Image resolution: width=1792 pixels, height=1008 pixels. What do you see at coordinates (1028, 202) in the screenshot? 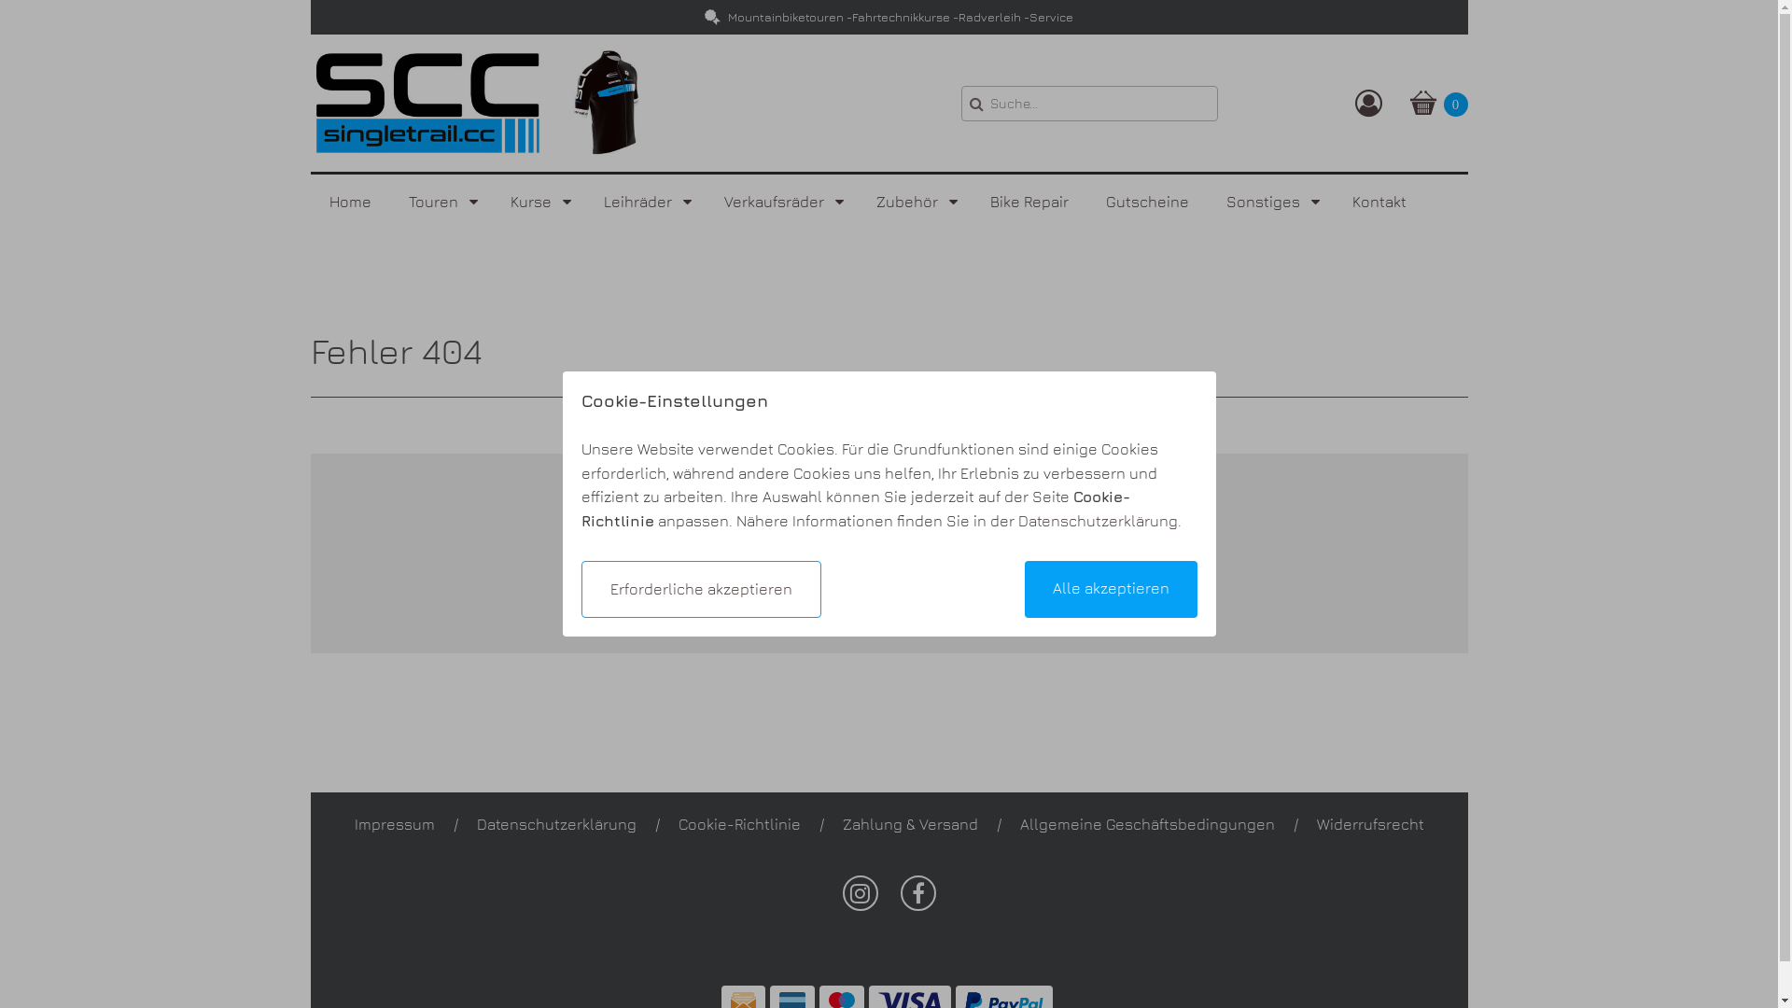
I see `'Bike Repair'` at bounding box center [1028, 202].